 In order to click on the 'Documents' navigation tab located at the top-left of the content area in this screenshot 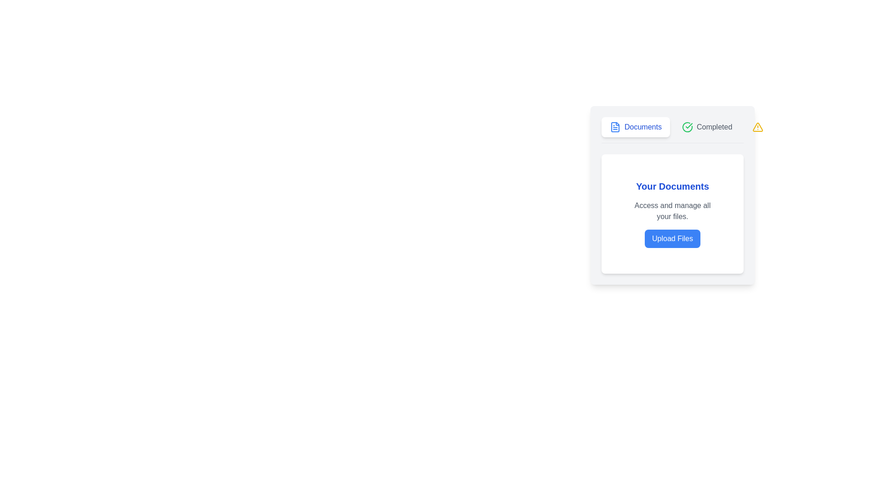, I will do `click(635, 127)`.